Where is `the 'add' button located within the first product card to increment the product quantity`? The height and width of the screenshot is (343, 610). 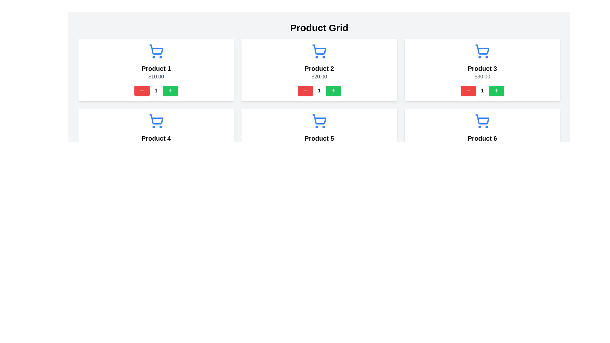
the 'add' button located within the first product card to increment the product quantity is located at coordinates (170, 91).